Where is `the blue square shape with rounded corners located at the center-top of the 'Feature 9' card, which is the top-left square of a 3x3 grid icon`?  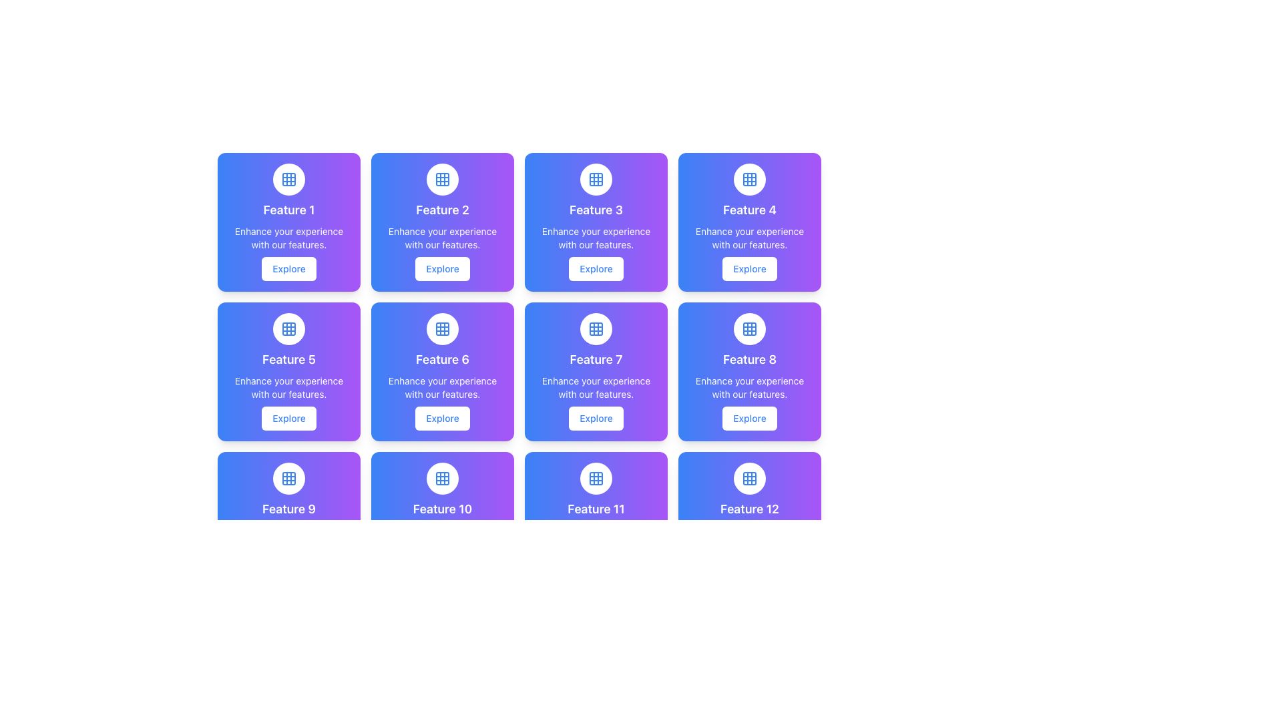 the blue square shape with rounded corners located at the center-top of the 'Feature 9' card, which is the top-left square of a 3x3 grid icon is located at coordinates (288, 478).